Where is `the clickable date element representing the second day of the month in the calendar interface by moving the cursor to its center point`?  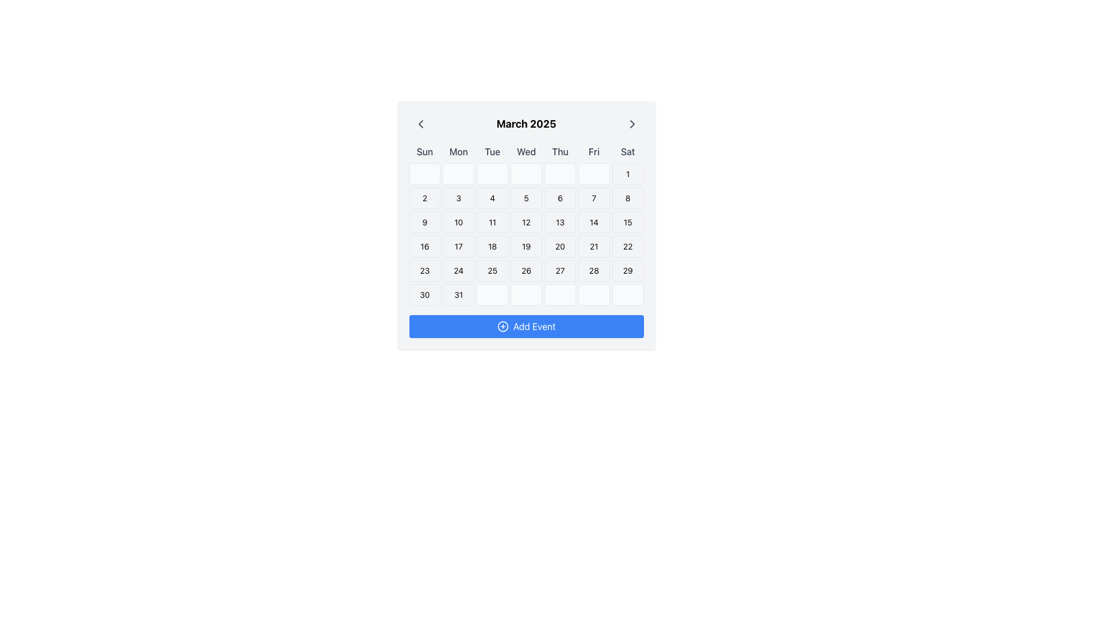
the clickable date element representing the second day of the month in the calendar interface by moving the cursor to its center point is located at coordinates (424, 197).